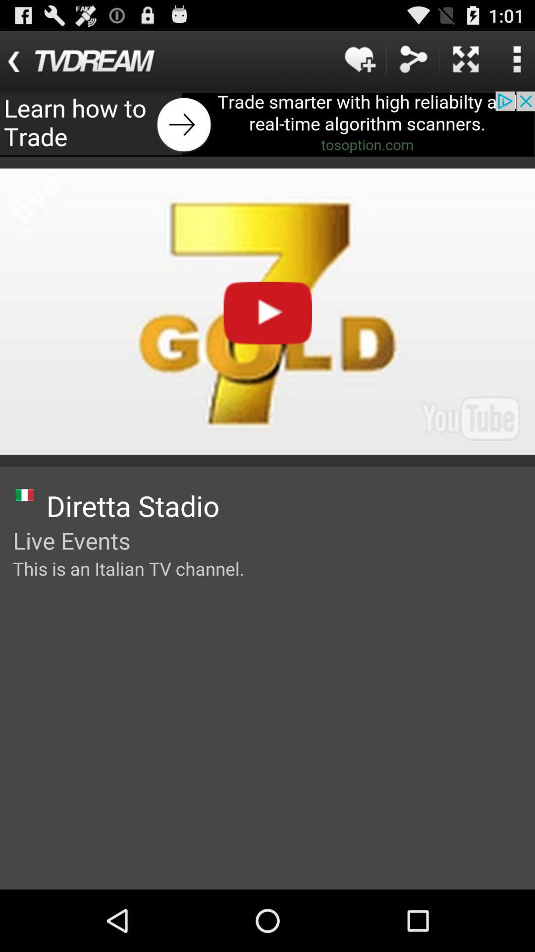 Image resolution: width=535 pixels, height=952 pixels. Describe the element at coordinates (413, 63) in the screenshot. I see `the share icon` at that location.